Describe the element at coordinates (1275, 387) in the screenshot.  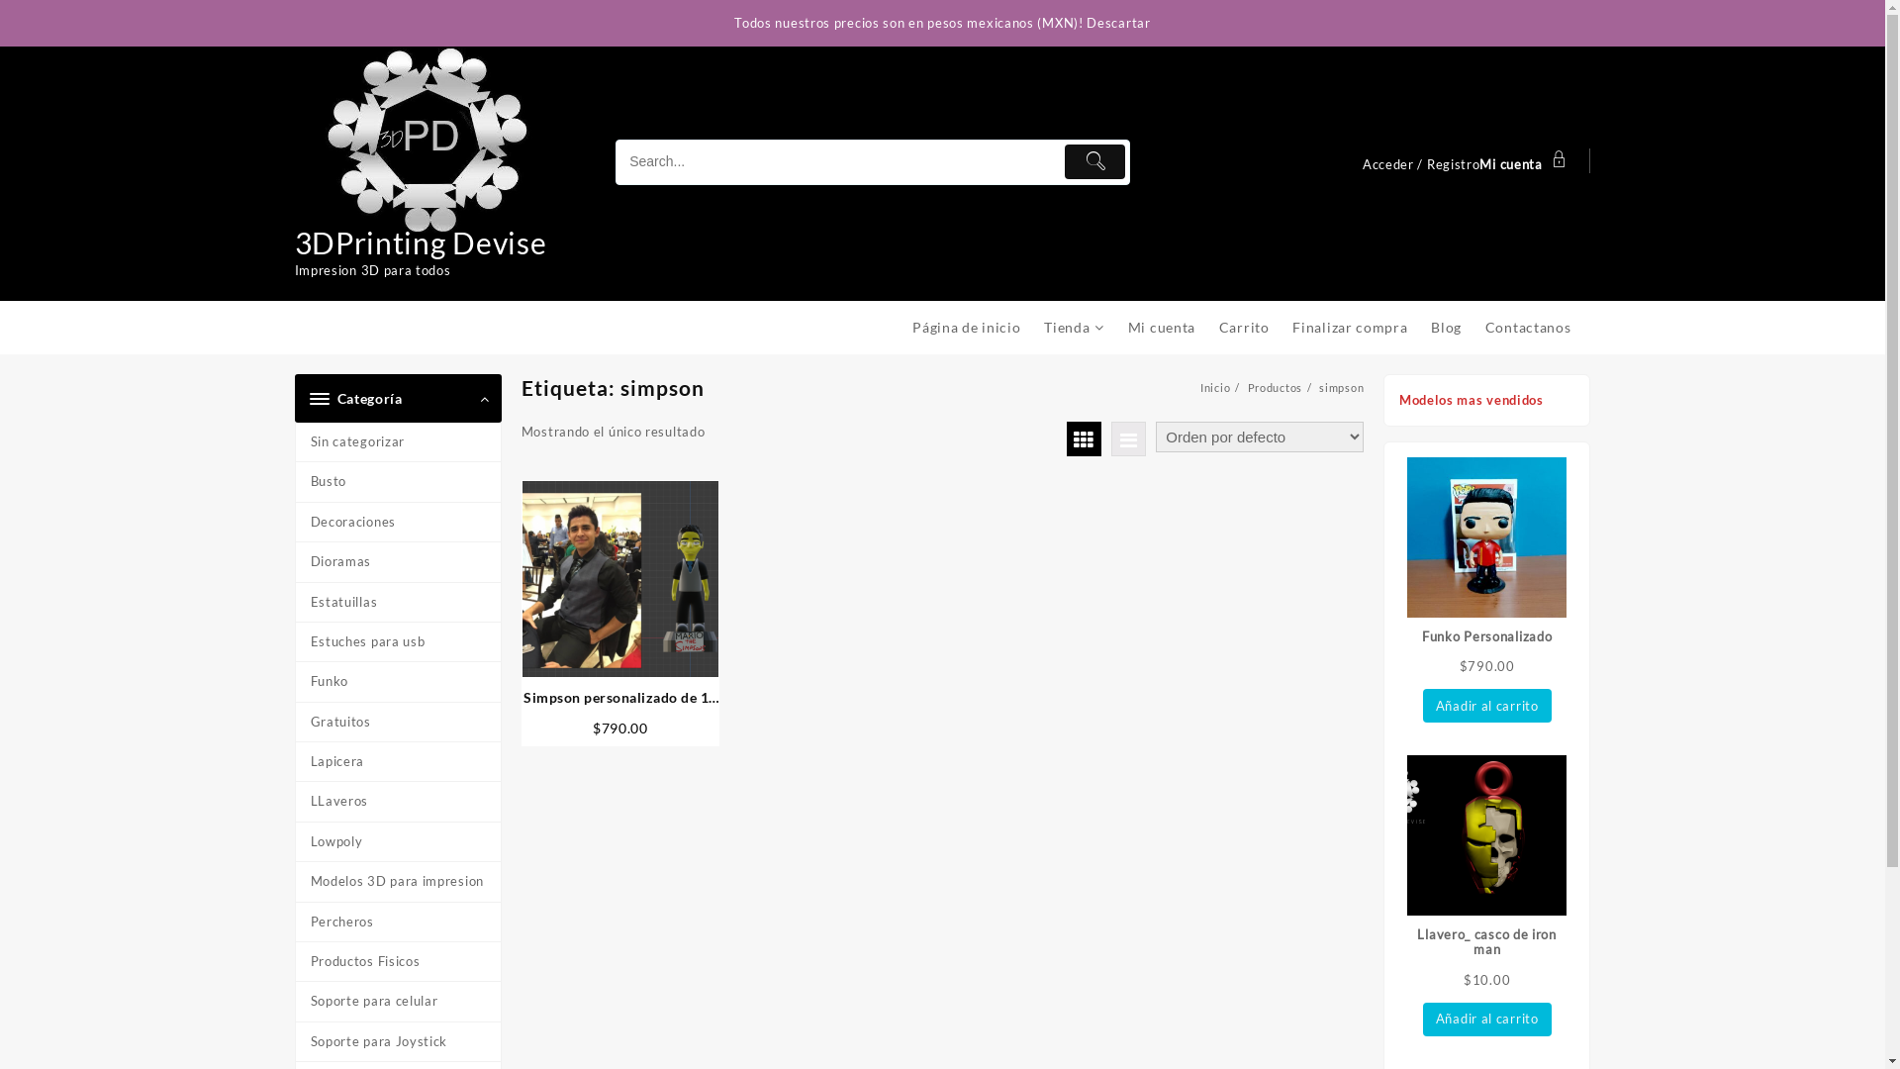
I see `'Productos'` at that location.